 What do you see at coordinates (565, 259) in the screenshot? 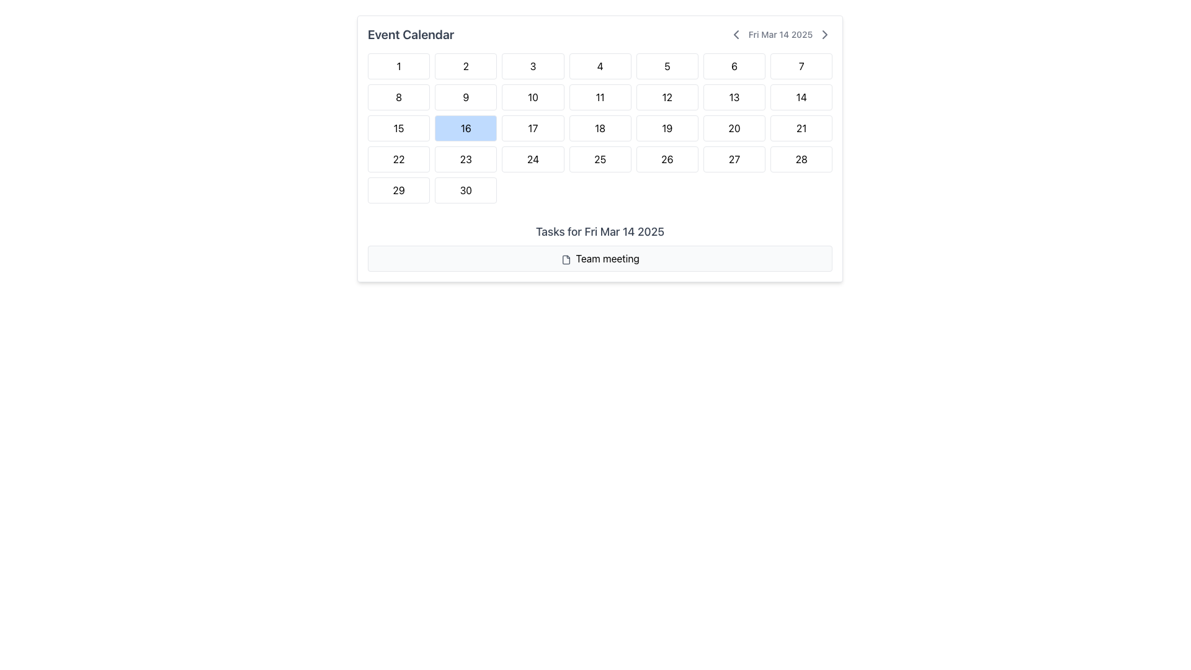
I see `the icon representing the file associated with the 'Team meeting' task, located within the box titled 'Team meeting'` at bounding box center [565, 259].